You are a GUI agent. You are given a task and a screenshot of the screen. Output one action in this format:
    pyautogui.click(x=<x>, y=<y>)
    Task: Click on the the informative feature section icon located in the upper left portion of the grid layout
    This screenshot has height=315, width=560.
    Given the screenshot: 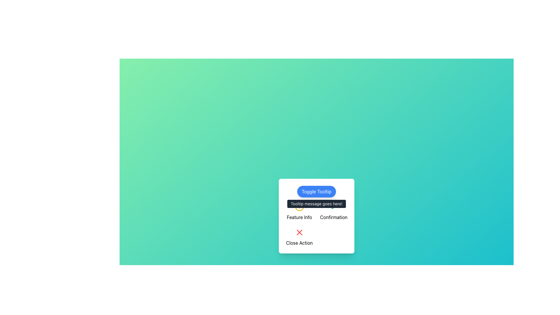 What is the action you would take?
    pyautogui.click(x=299, y=211)
    